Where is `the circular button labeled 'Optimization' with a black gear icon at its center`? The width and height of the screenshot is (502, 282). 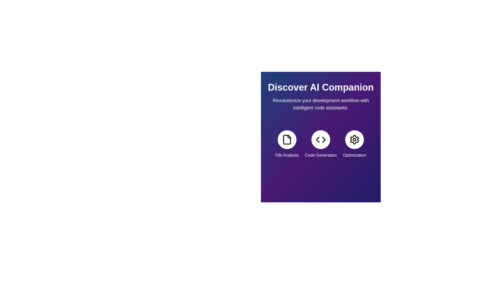 the circular button labeled 'Optimization' with a black gear icon at its center is located at coordinates (355, 144).